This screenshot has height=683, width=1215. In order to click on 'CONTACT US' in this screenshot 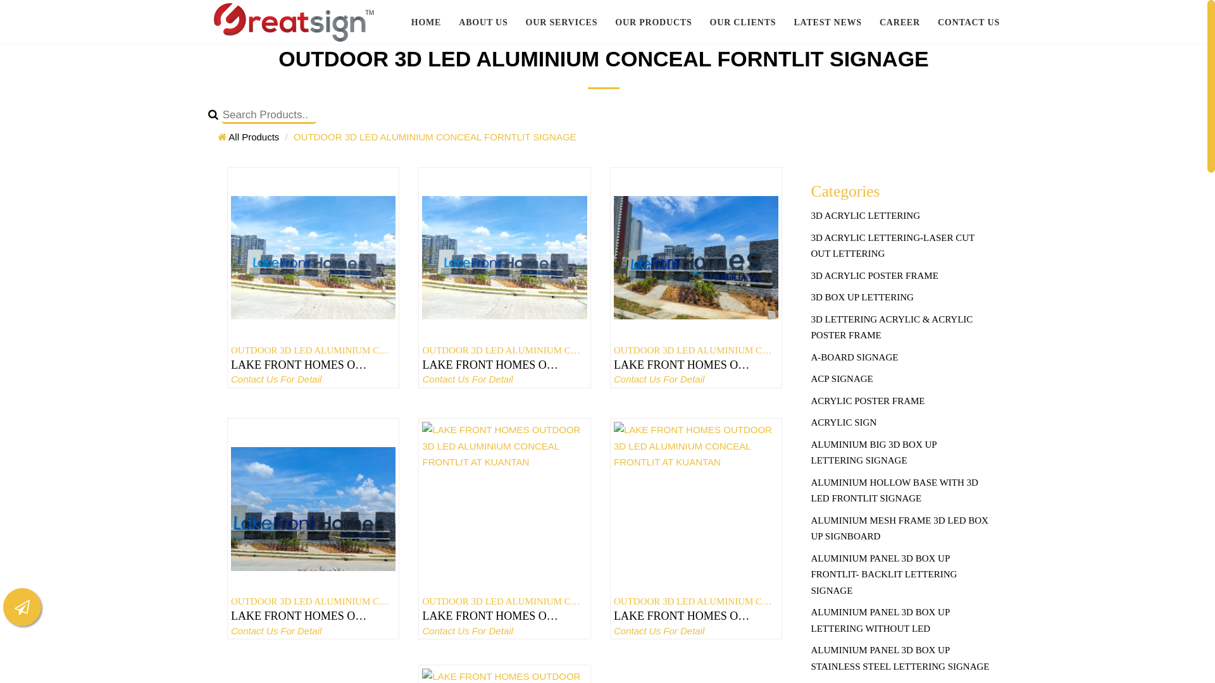, I will do `click(929, 22)`.